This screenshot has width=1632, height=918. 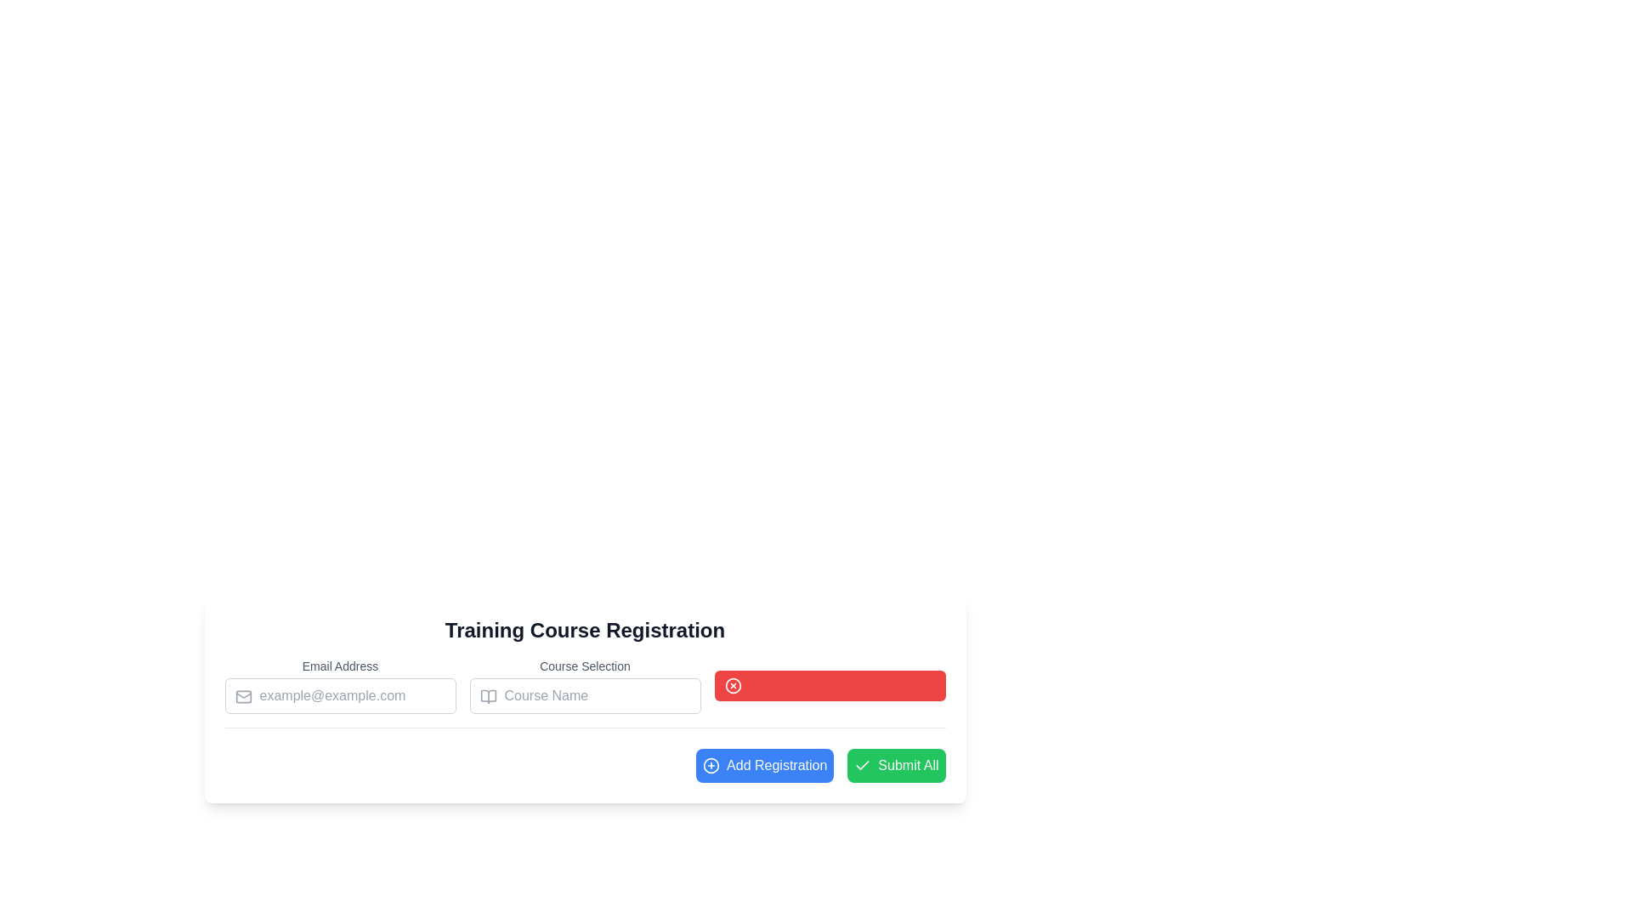 What do you see at coordinates (830, 684) in the screenshot?
I see `the 'Clear' or 'Remove' button located at the far right of the form row containing 'Email Address' and 'Course Selection' to trigger visual feedback` at bounding box center [830, 684].